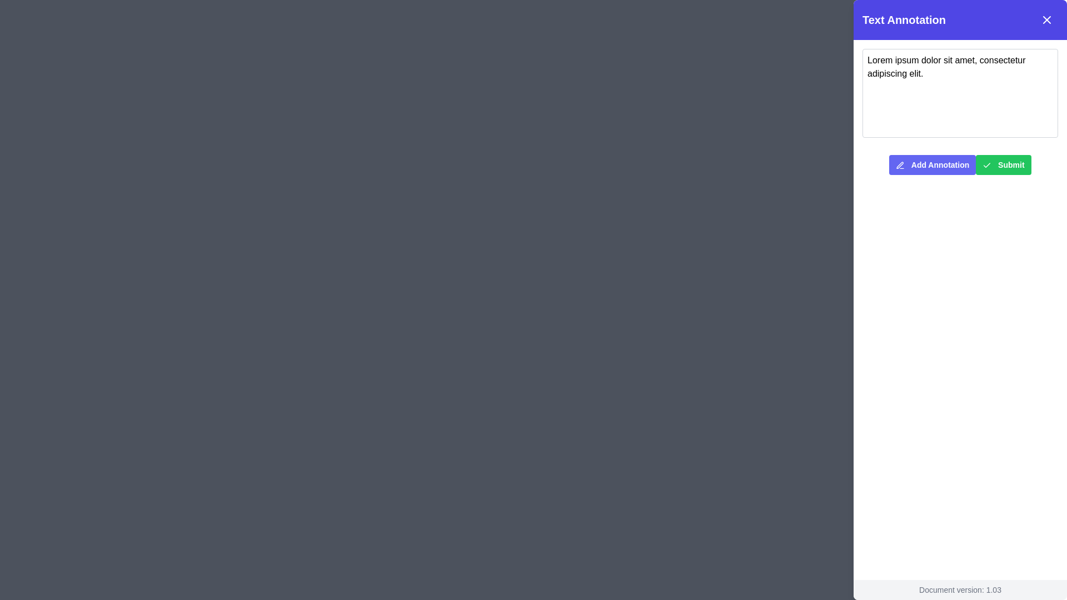  I want to click on the Text Label located in the header section at the top of the right-hand panel, positioned on the left side, which serves as a title or identifier for the section, so click(904, 19).